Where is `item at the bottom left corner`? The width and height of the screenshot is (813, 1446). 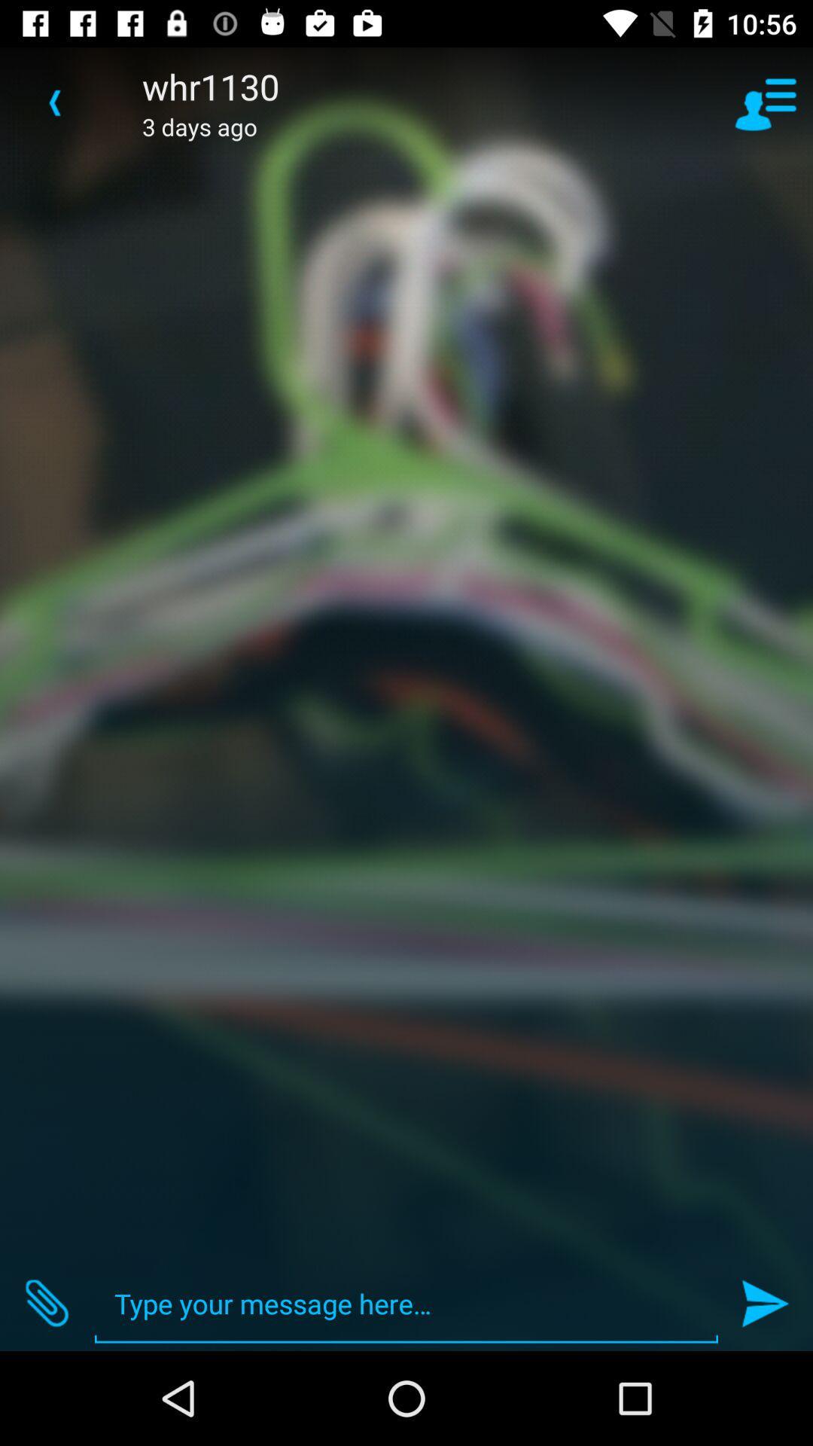 item at the bottom left corner is located at coordinates (46, 1303).